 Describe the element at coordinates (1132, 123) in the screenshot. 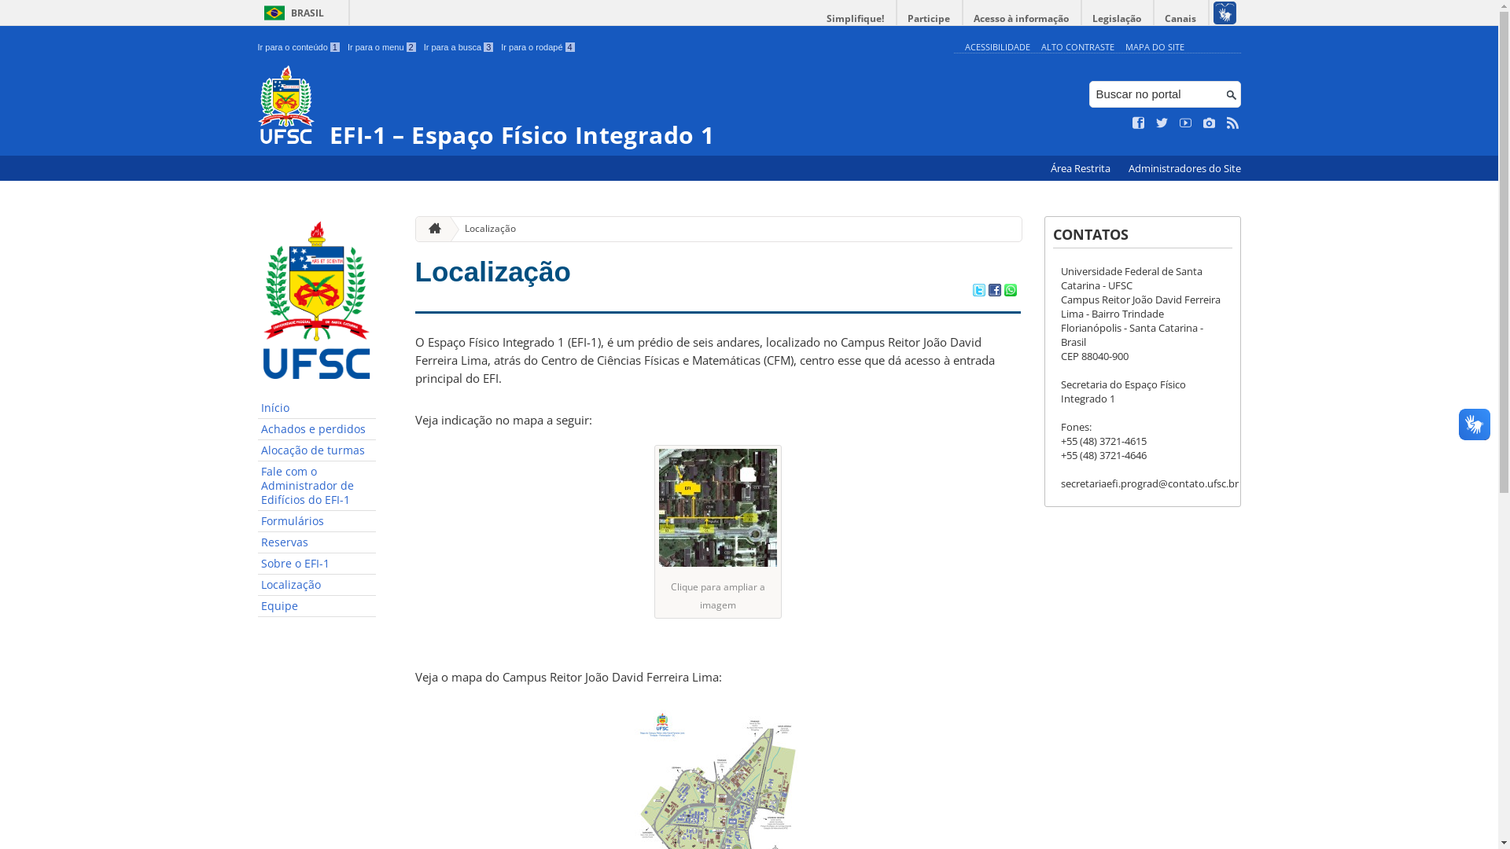

I see `'Curta no Facebook'` at that location.